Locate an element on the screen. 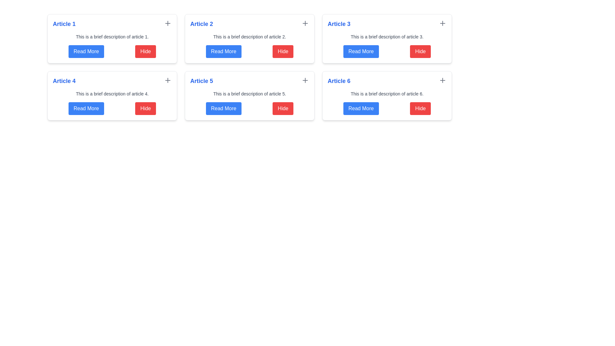  the red 'Hide' button with rounded corners is located at coordinates (145, 51).